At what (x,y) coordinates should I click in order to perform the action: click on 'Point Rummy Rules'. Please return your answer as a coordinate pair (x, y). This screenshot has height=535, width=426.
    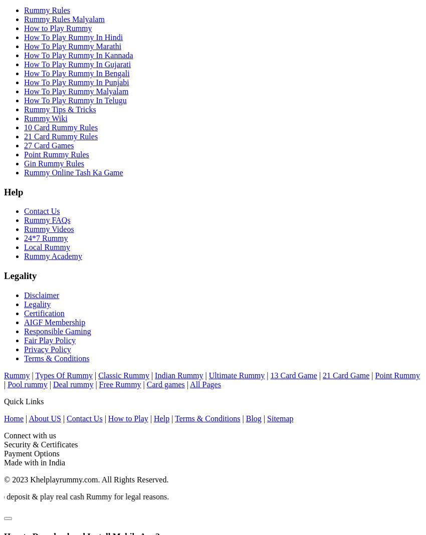
    Looking at the image, I should click on (24, 153).